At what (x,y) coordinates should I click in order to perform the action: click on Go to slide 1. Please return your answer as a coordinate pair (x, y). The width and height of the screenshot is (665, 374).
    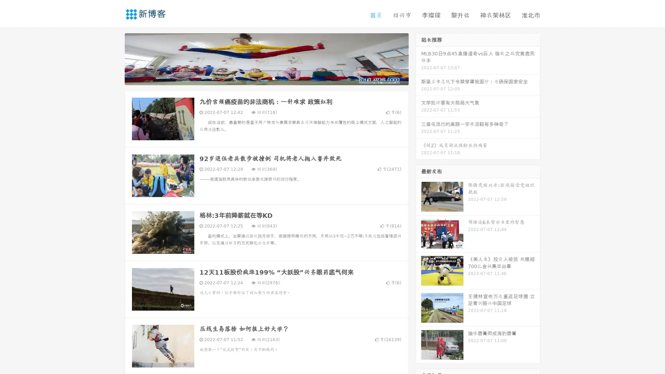
    Looking at the image, I should click on (259, 78).